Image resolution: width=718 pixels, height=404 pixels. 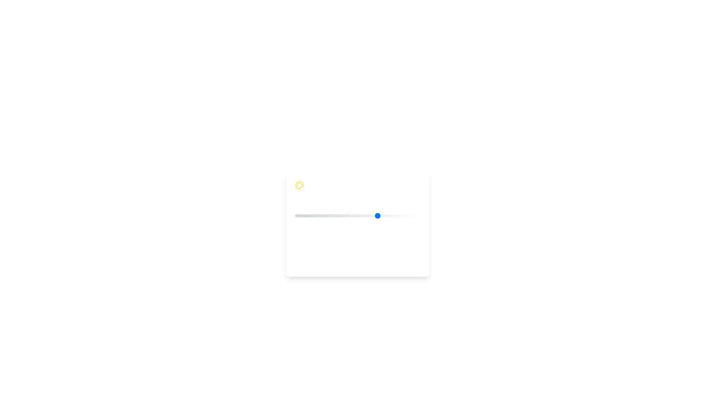 What do you see at coordinates (294, 216) in the screenshot?
I see `the mood slider to set the mood value to 1` at bounding box center [294, 216].